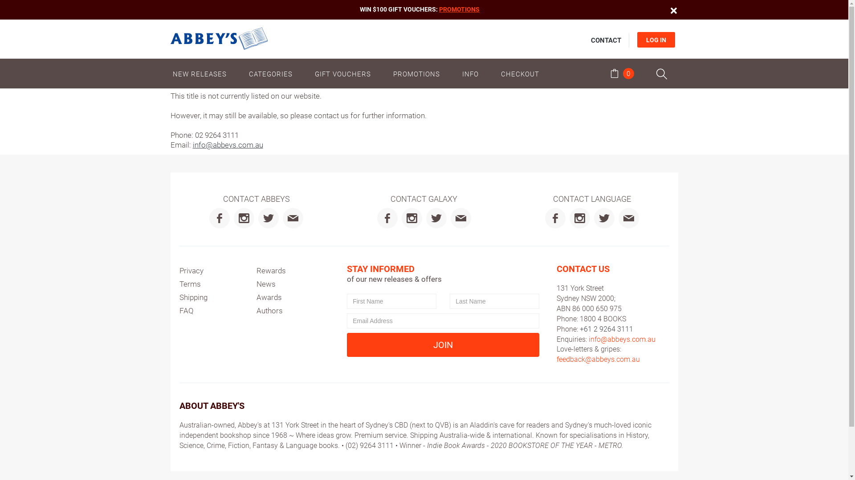 The width and height of the screenshot is (855, 480). Describe the element at coordinates (211, 406) in the screenshot. I see `'ABOUT ABBEY'S'` at that location.